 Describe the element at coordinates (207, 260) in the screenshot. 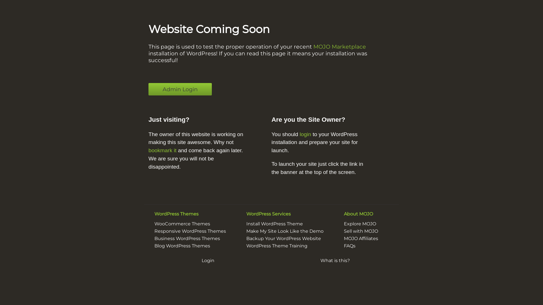

I see `'Login'` at that location.